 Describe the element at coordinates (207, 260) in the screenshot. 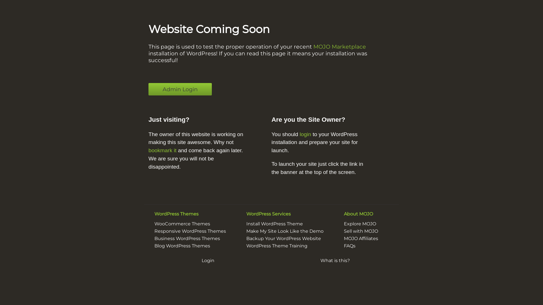

I see `'Login'` at that location.